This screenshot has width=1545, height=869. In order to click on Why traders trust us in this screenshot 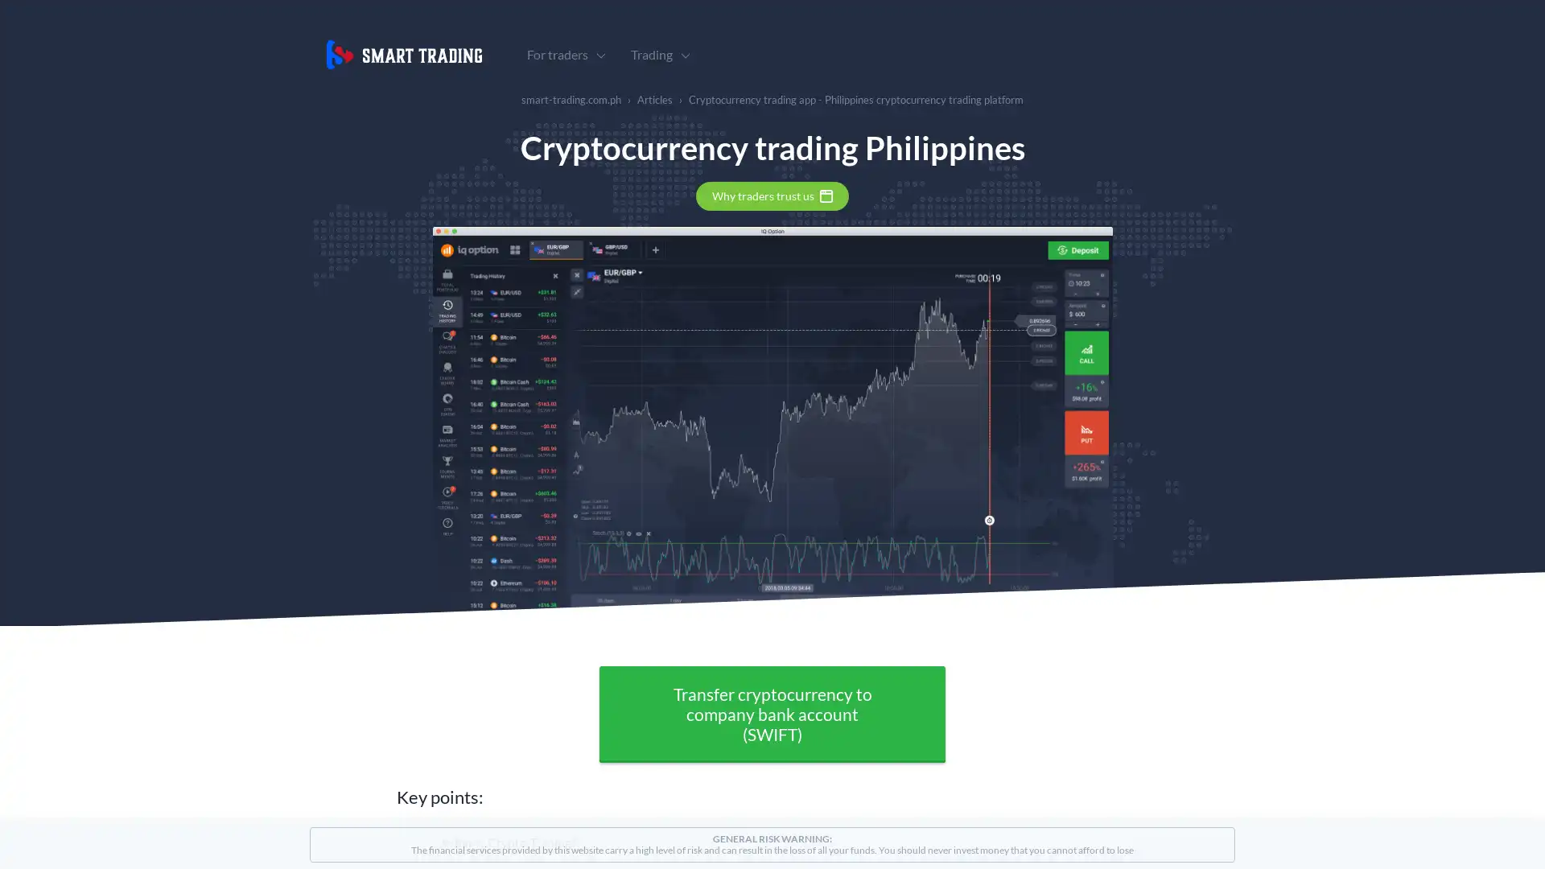, I will do `click(772, 195)`.